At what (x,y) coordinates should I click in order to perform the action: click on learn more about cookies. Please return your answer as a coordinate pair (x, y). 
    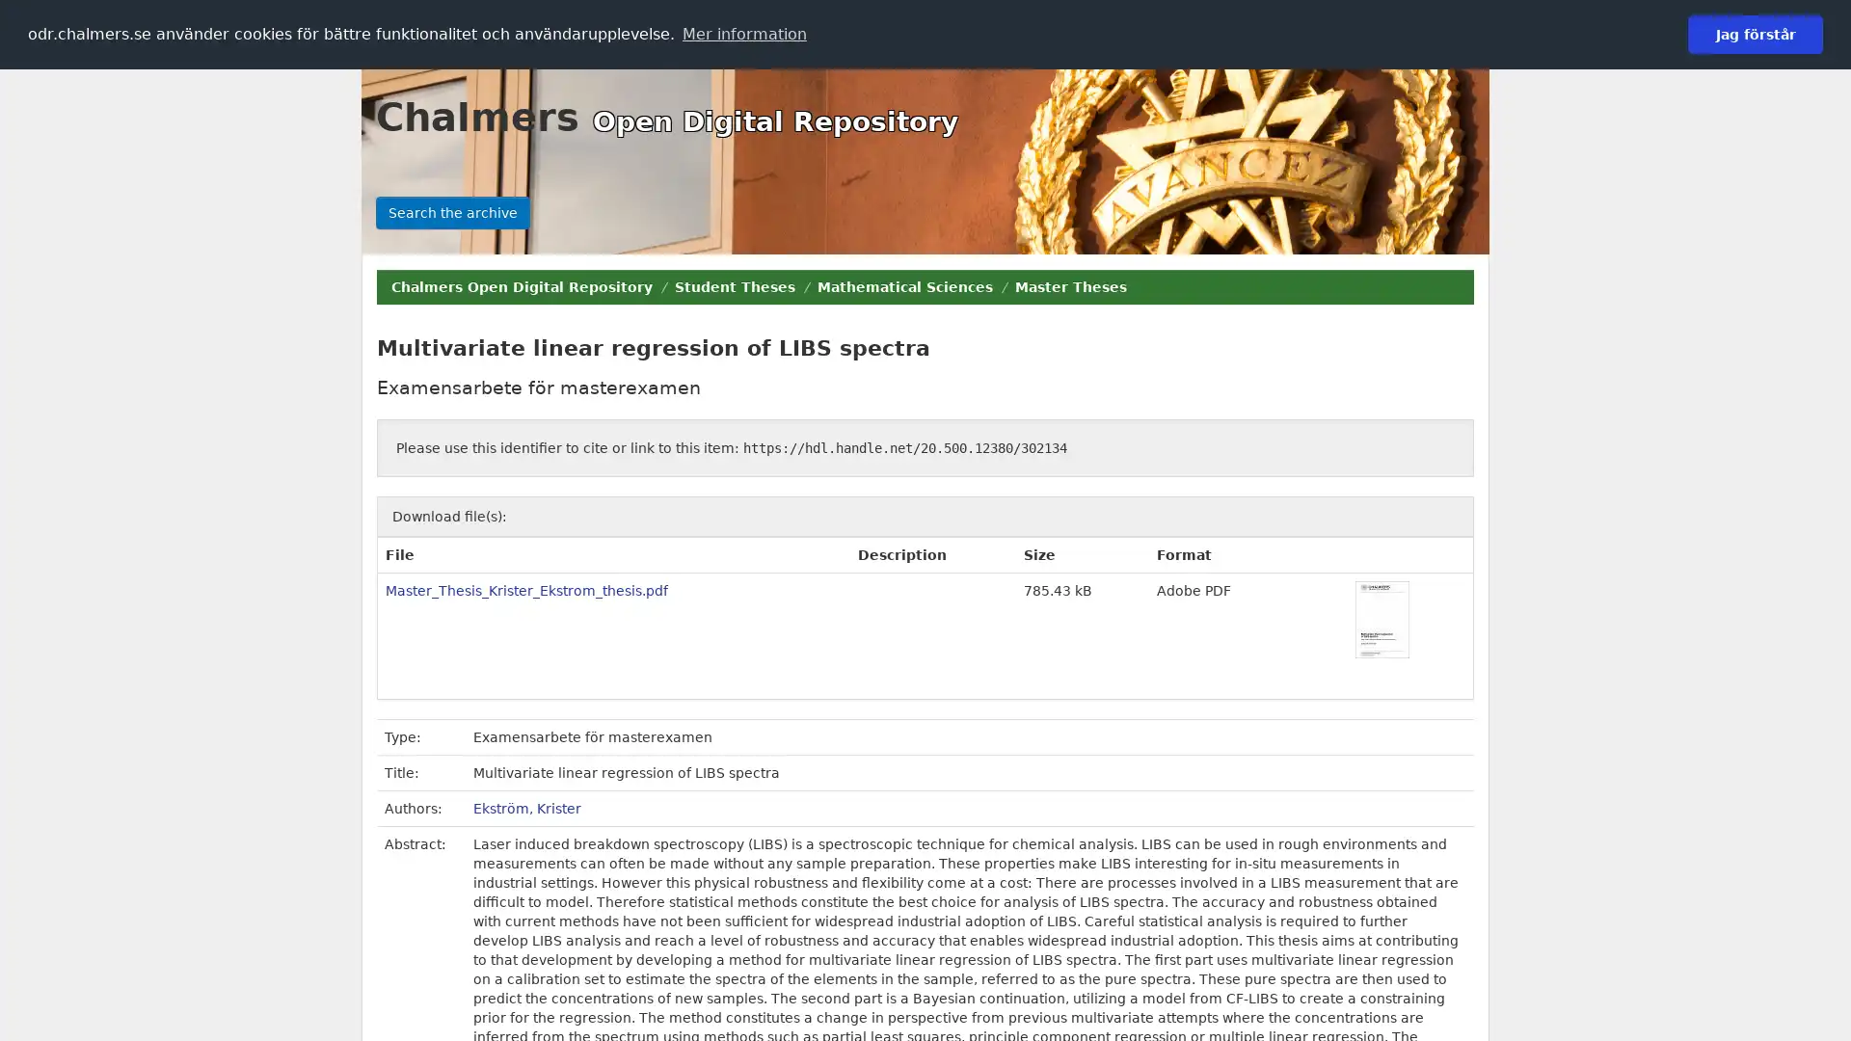
    Looking at the image, I should click on (743, 33).